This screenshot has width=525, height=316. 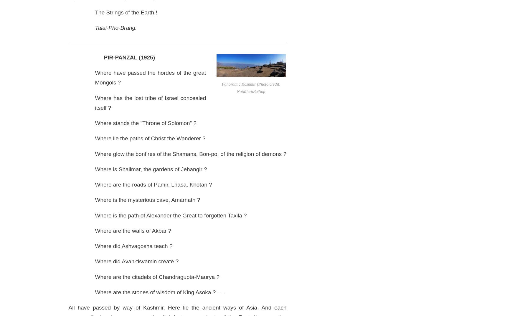 I want to click on 'Where did Ashvagosha teach ?', so click(x=133, y=246).